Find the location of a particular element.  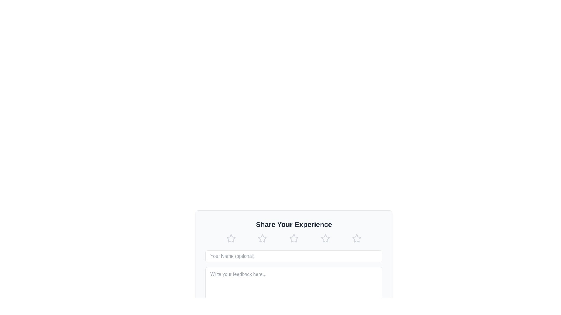

the first rating star icon is located at coordinates (262, 238).